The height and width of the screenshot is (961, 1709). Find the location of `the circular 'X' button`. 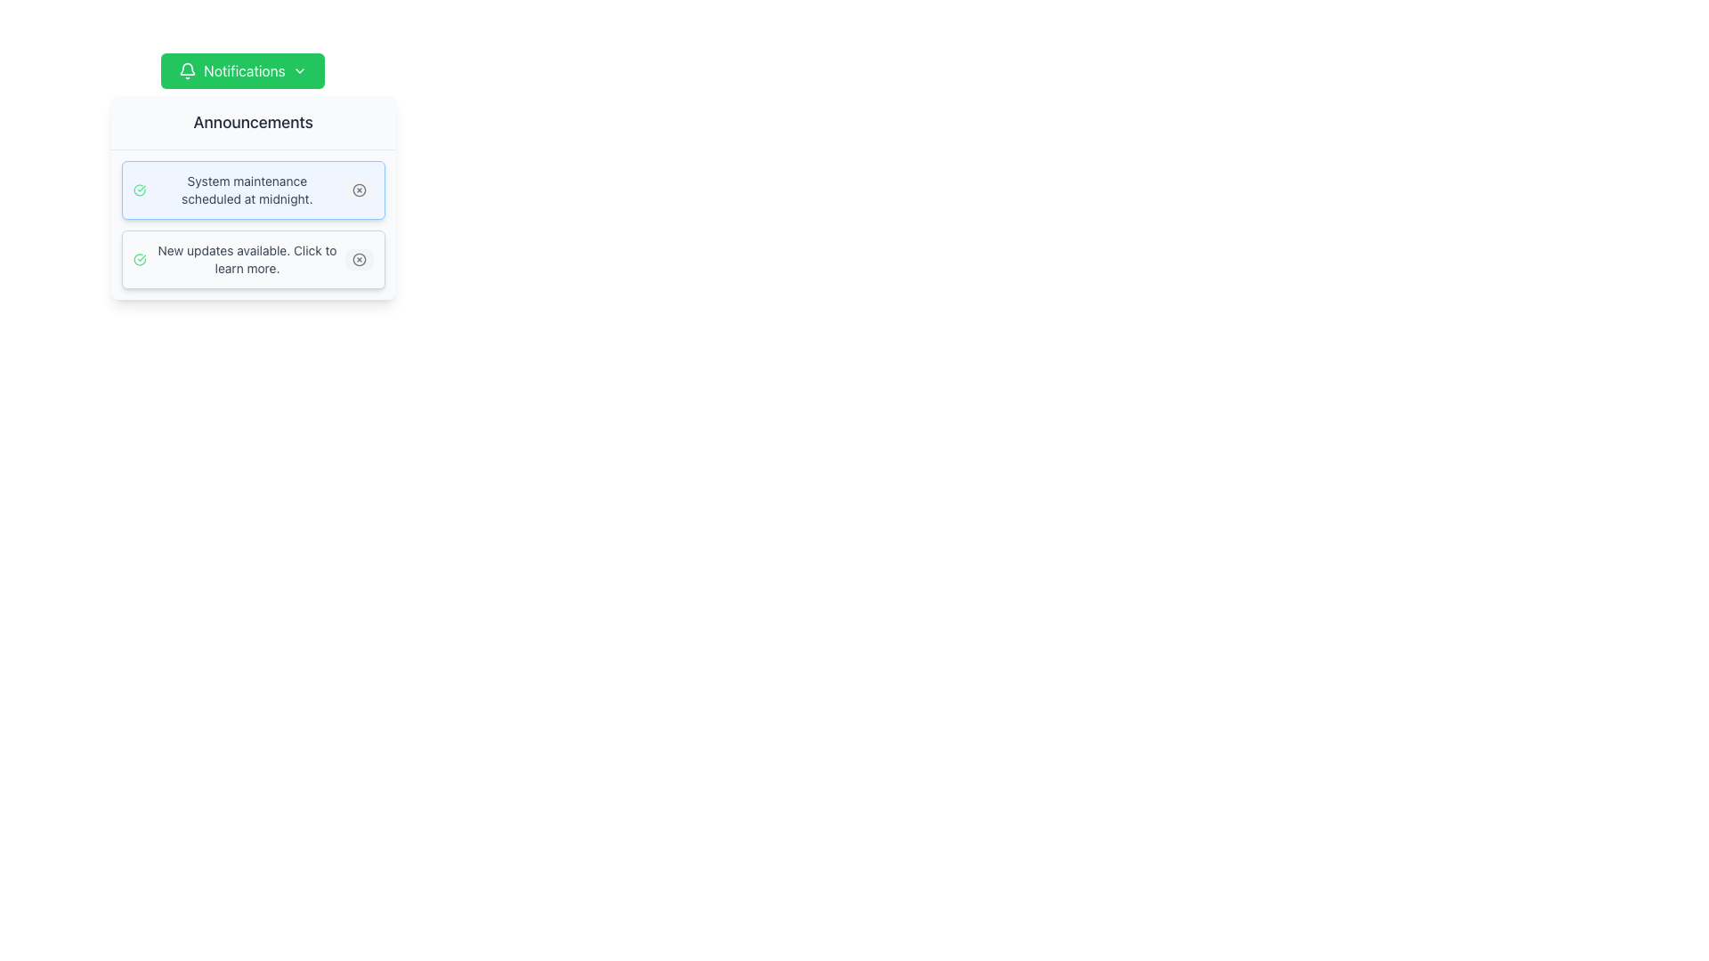

the circular 'X' button is located at coordinates (358, 260).